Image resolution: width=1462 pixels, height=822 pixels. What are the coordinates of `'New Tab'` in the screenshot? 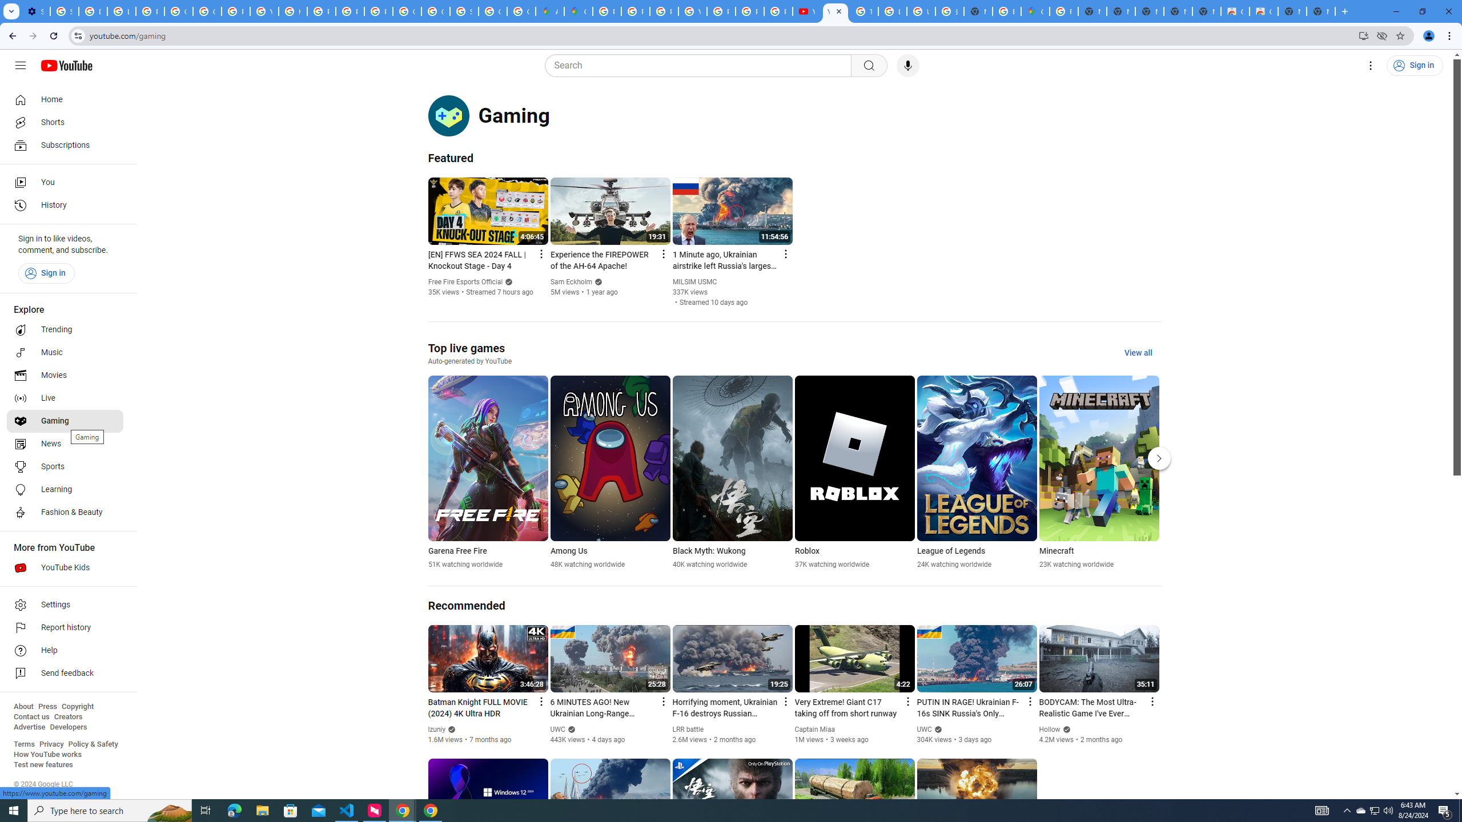 It's located at (1320, 11).